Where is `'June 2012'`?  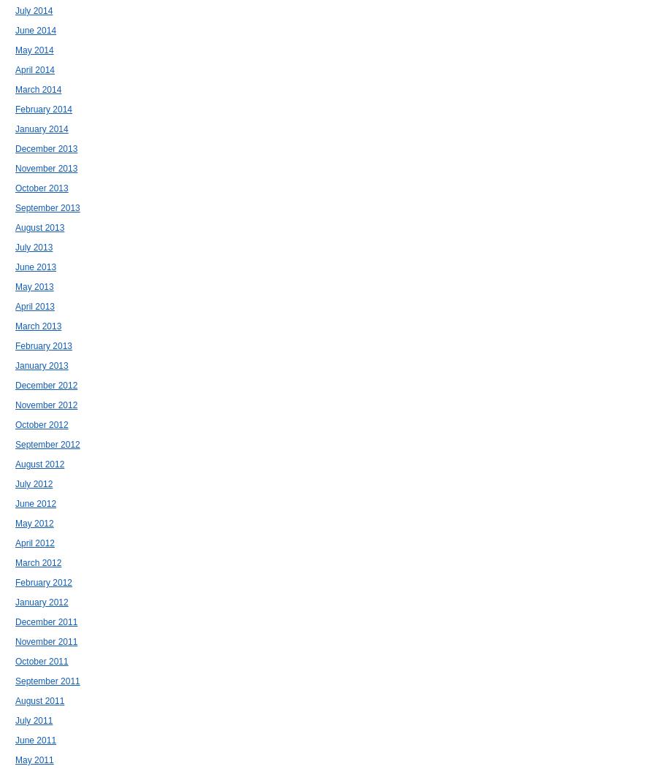 'June 2012' is located at coordinates (34, 504).